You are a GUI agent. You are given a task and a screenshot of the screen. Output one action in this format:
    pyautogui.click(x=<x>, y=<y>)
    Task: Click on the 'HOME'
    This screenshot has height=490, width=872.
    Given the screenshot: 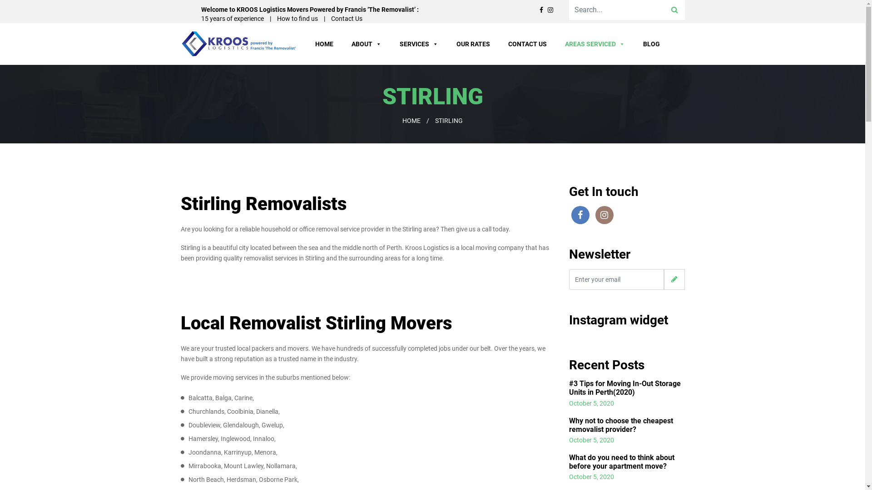 What is the action you would take?
    pyautogui.click(x=411, y=120)
    